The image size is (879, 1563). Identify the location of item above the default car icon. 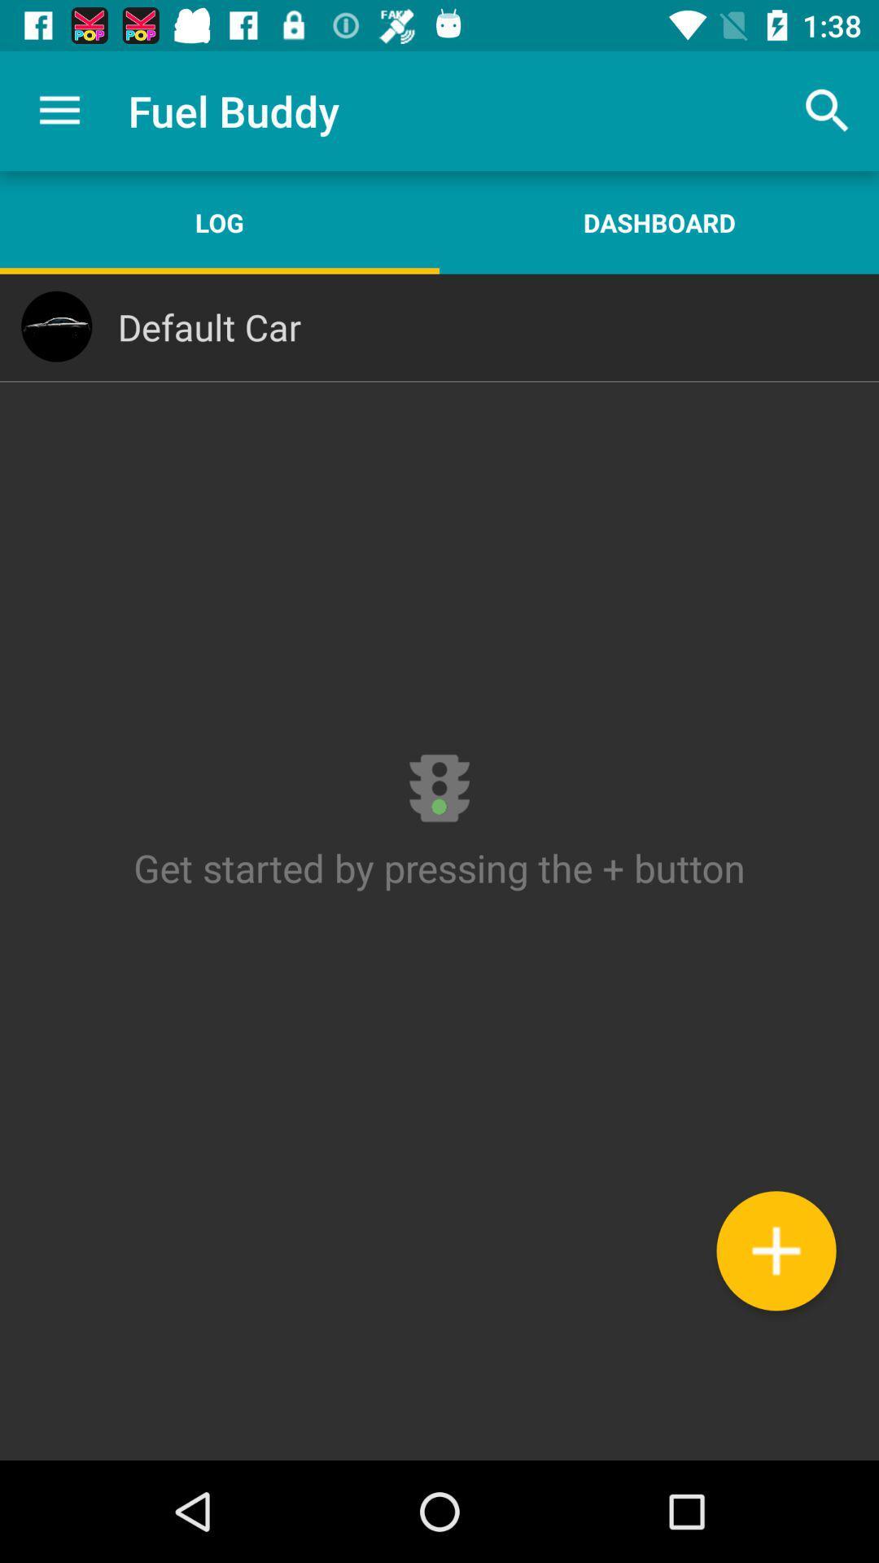
(659, 221).